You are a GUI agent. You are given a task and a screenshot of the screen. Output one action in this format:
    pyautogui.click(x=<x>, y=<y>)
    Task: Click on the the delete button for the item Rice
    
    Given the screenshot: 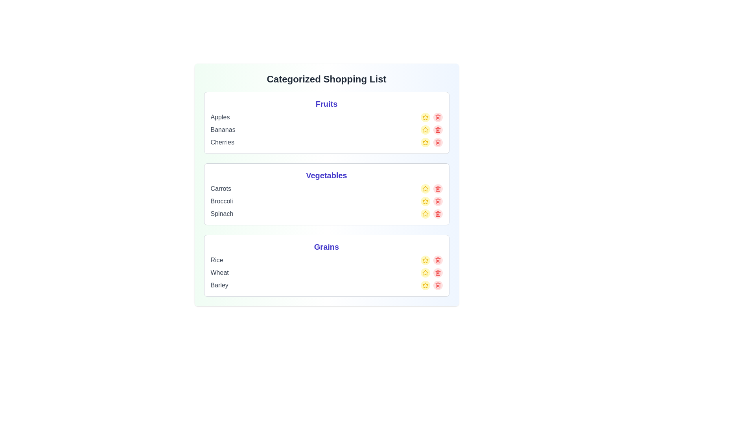 What is the action you would take?
    pyautogui.click(x=437, y=260)
    